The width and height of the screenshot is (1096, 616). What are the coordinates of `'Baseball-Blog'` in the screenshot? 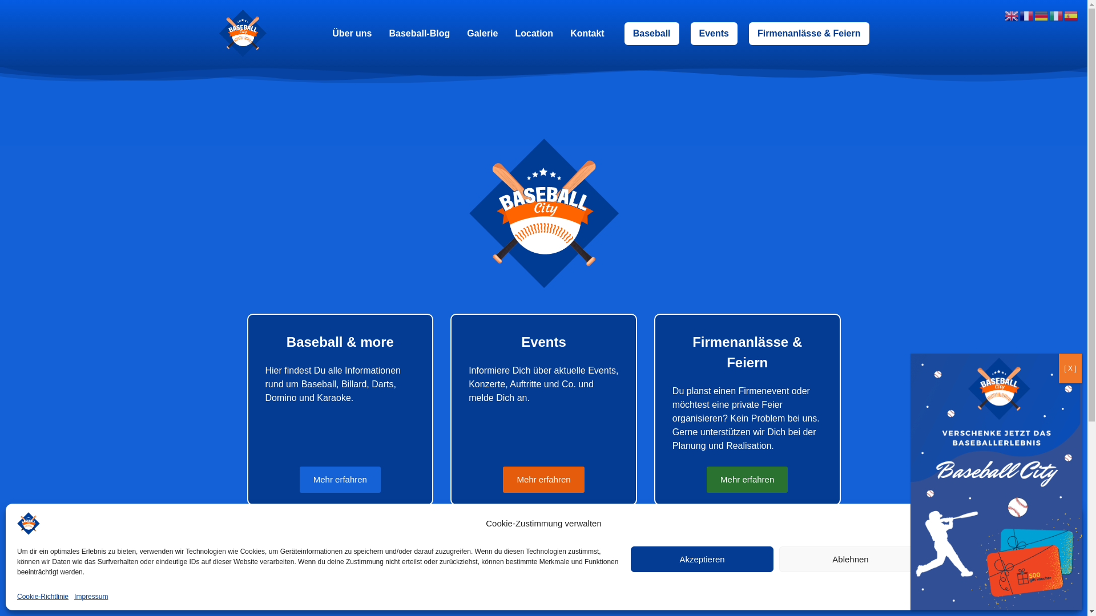 It's located at (419, 32).